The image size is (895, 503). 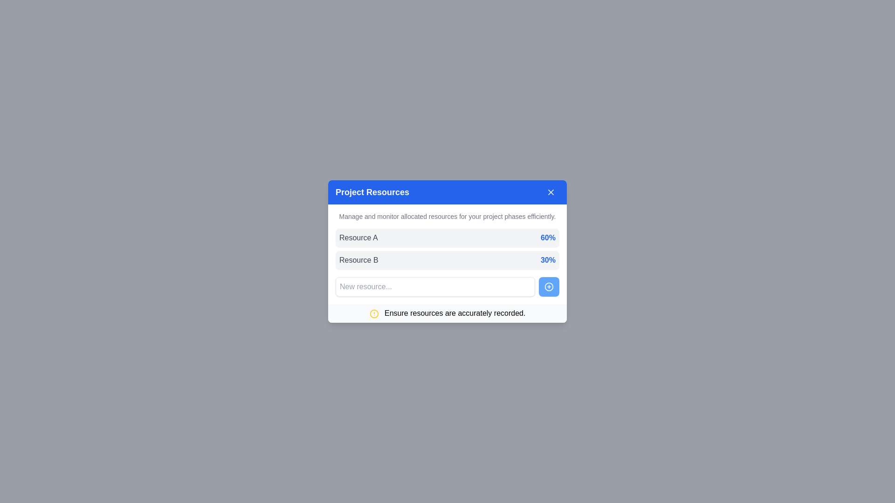 What do you see at coordinates (447, 251) in the screenshot?
I see `the 'Project Resources' modal component` at bounding box center [447, 251].